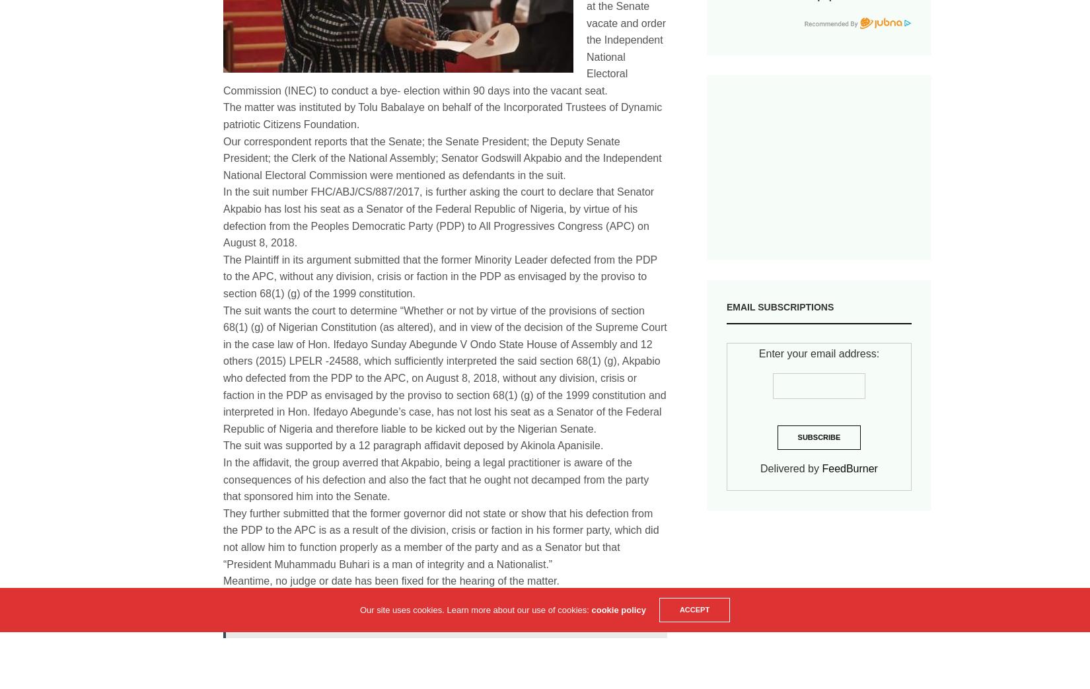 Image resolution: width=1090 pixels, height=689 pixels. What do you see at coordinates (849, 468) in the screenshot?
I see `'FeedBurner'` at bounding box center [849, 468].